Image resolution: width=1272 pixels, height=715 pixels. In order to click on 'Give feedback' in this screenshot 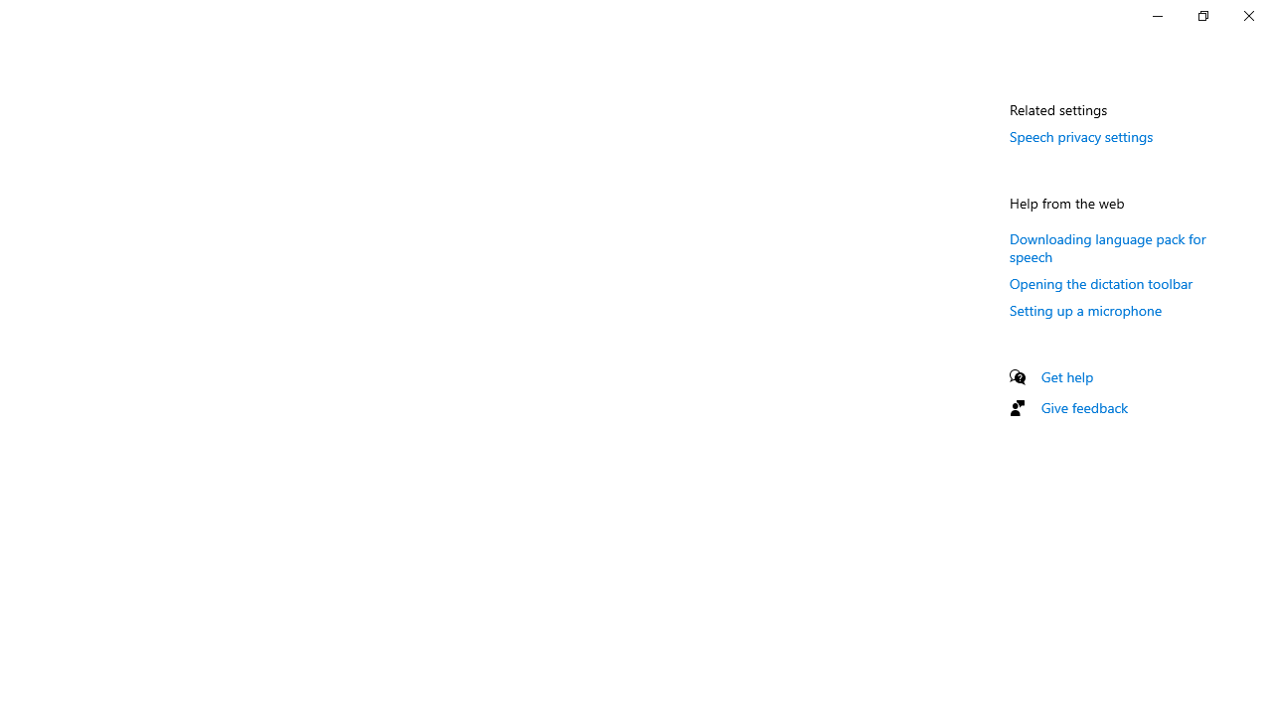, I will do `click(1083, 406)`.